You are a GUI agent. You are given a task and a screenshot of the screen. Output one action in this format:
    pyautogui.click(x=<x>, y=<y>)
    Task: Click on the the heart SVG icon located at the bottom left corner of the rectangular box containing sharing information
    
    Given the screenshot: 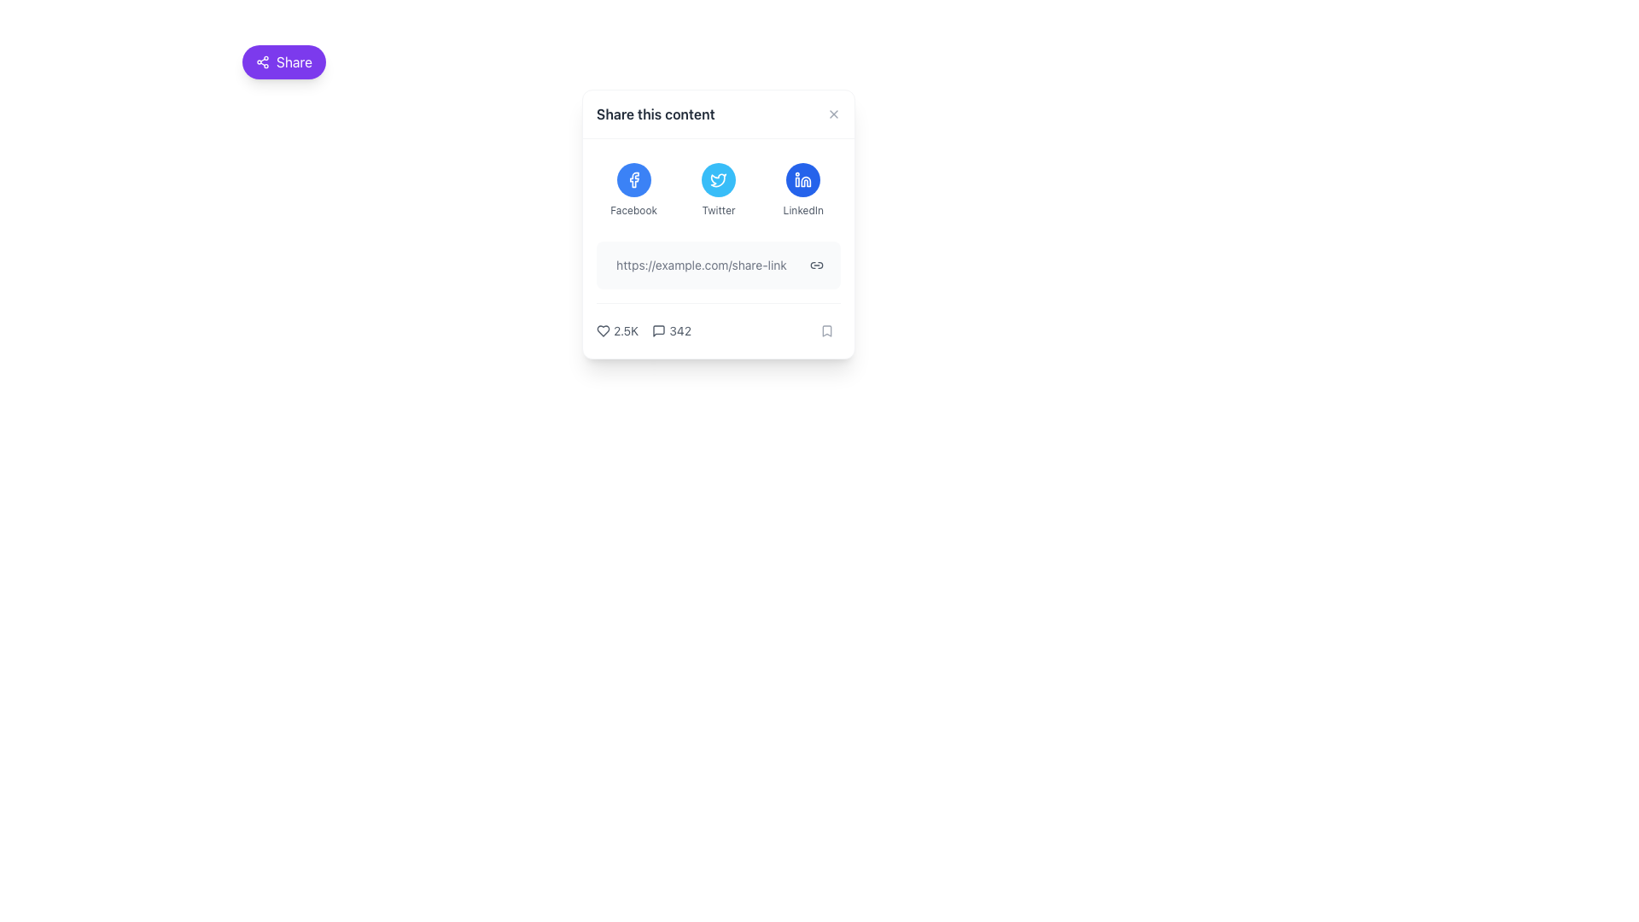 What is the action you would take?
    pyautogui.click(x=603, y=331)
    